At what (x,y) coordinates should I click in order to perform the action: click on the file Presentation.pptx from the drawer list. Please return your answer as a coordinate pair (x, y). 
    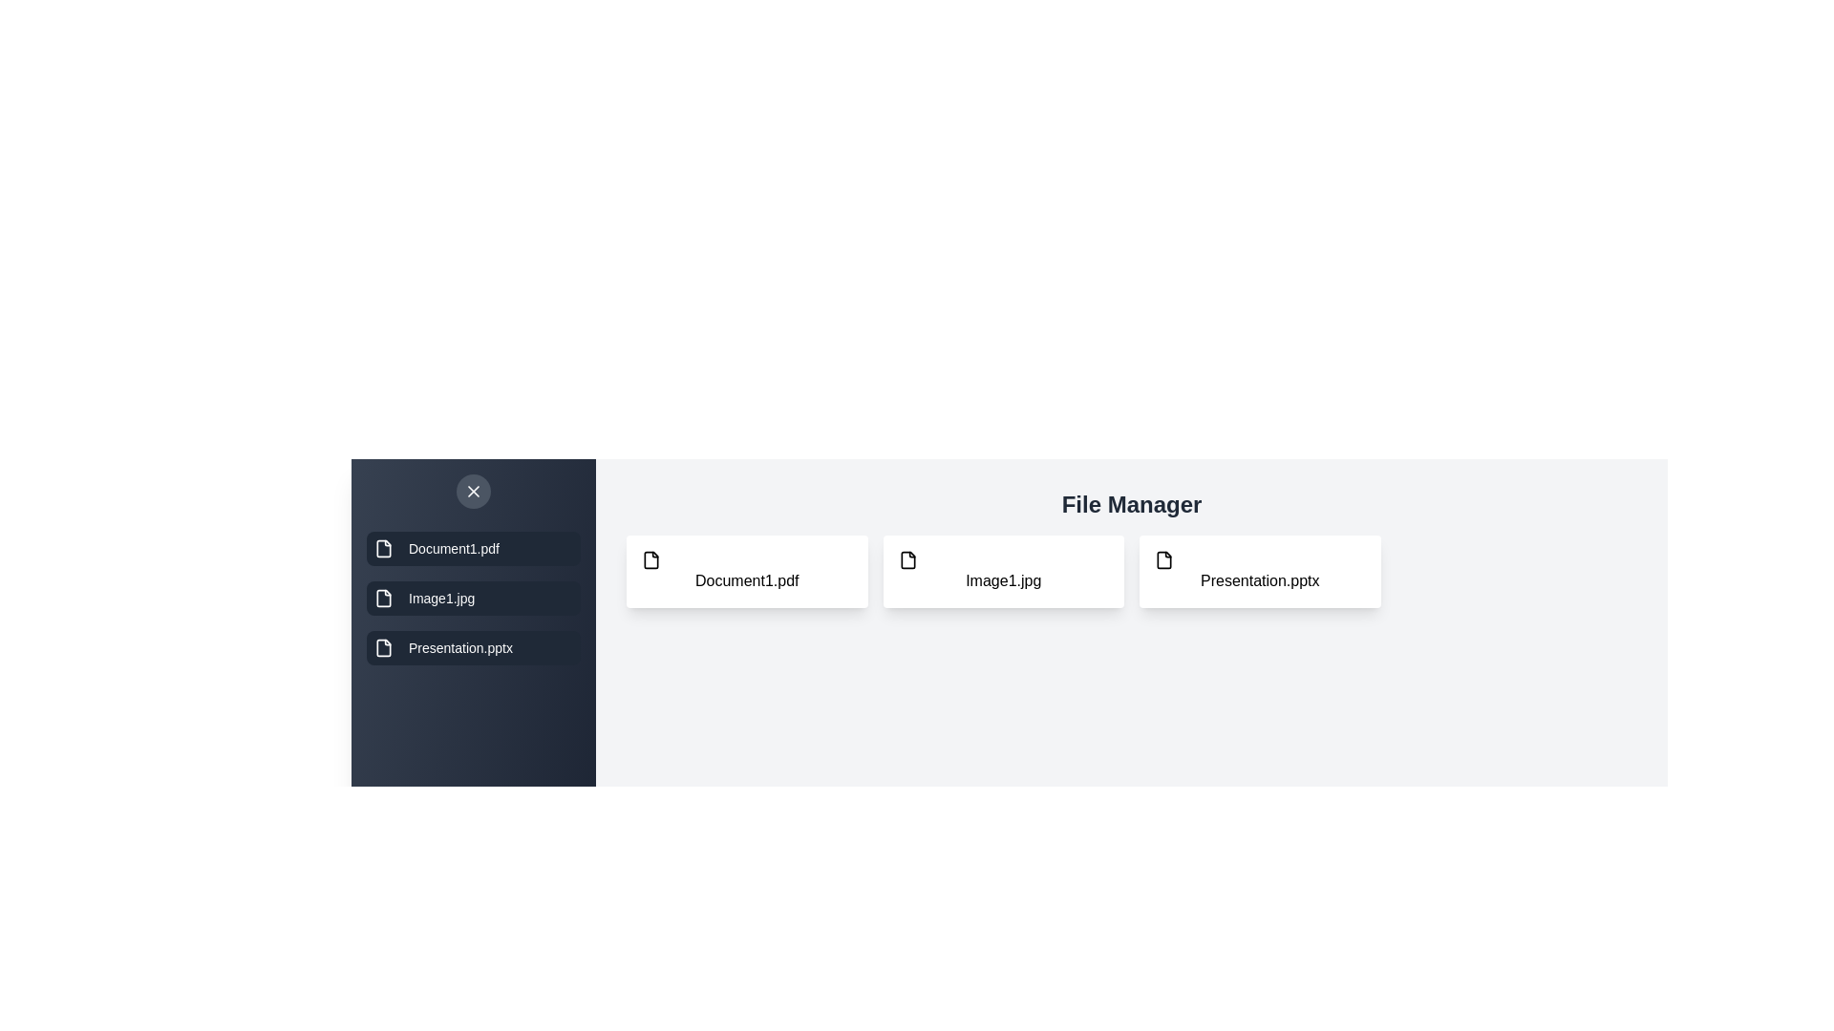
    Looking at the image, I should click on (473, 646).